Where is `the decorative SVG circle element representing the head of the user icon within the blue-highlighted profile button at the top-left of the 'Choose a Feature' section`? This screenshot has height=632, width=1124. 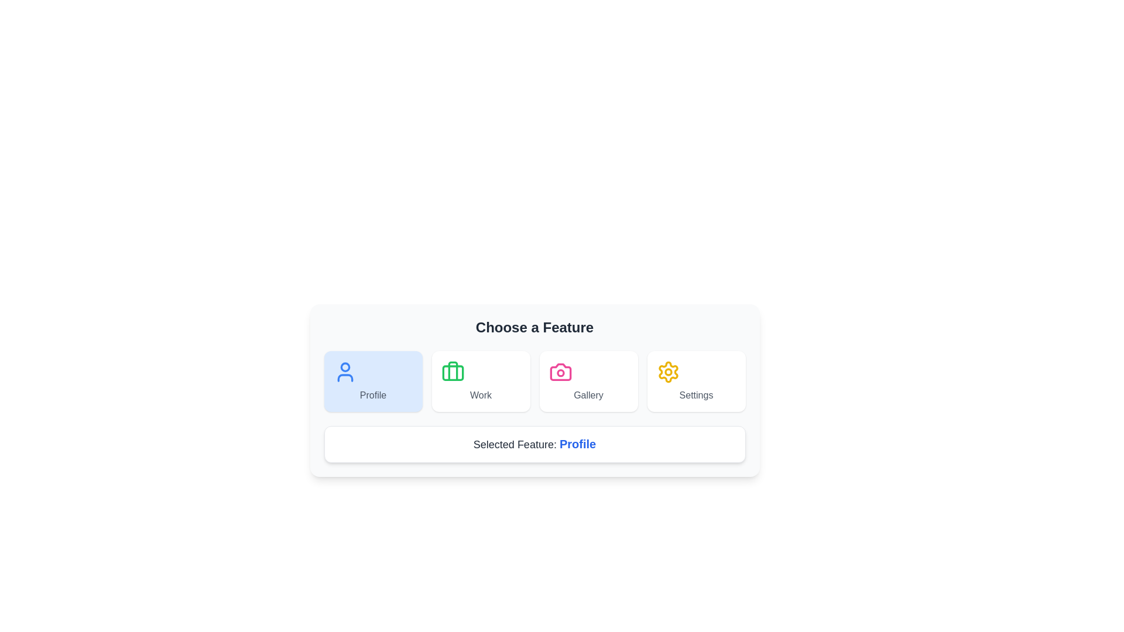
the decorative SVG circle element representing the head of the user icon within the blue-highlighted profile button at the top-left of the 'Choose a Feature' section is located at coordinates (344, 366).